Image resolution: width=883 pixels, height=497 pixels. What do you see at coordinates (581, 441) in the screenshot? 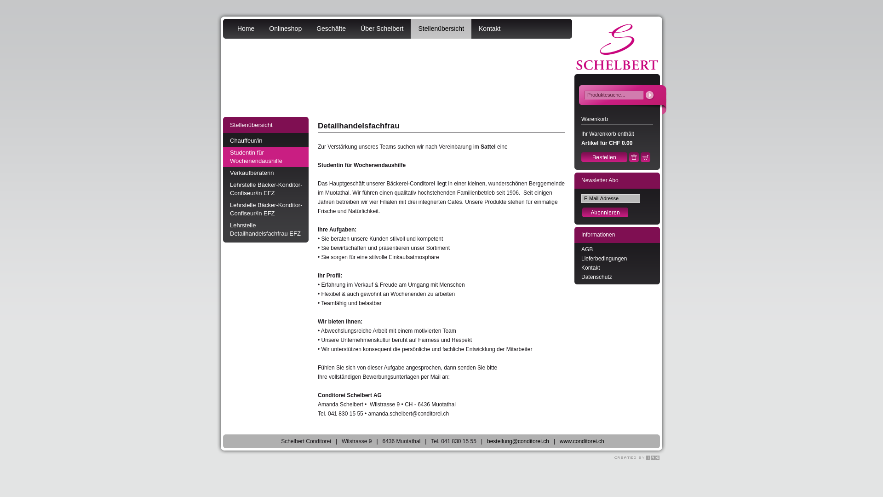
I see `'www.conditorei.ch'` at bounding box center [581, 441].